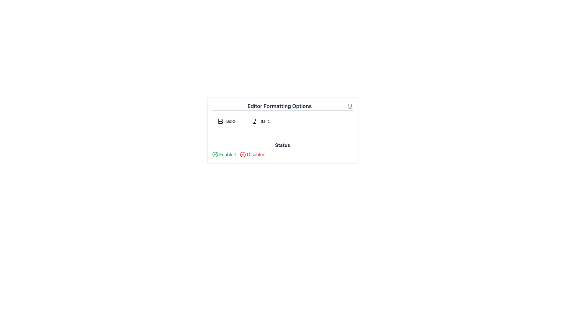 The image size is (566, 318). Describe the element at coordinates (226, 121) in the screenshot. I see `the 'Bold' button in the 'Editor Formatting Options' section` at that location.